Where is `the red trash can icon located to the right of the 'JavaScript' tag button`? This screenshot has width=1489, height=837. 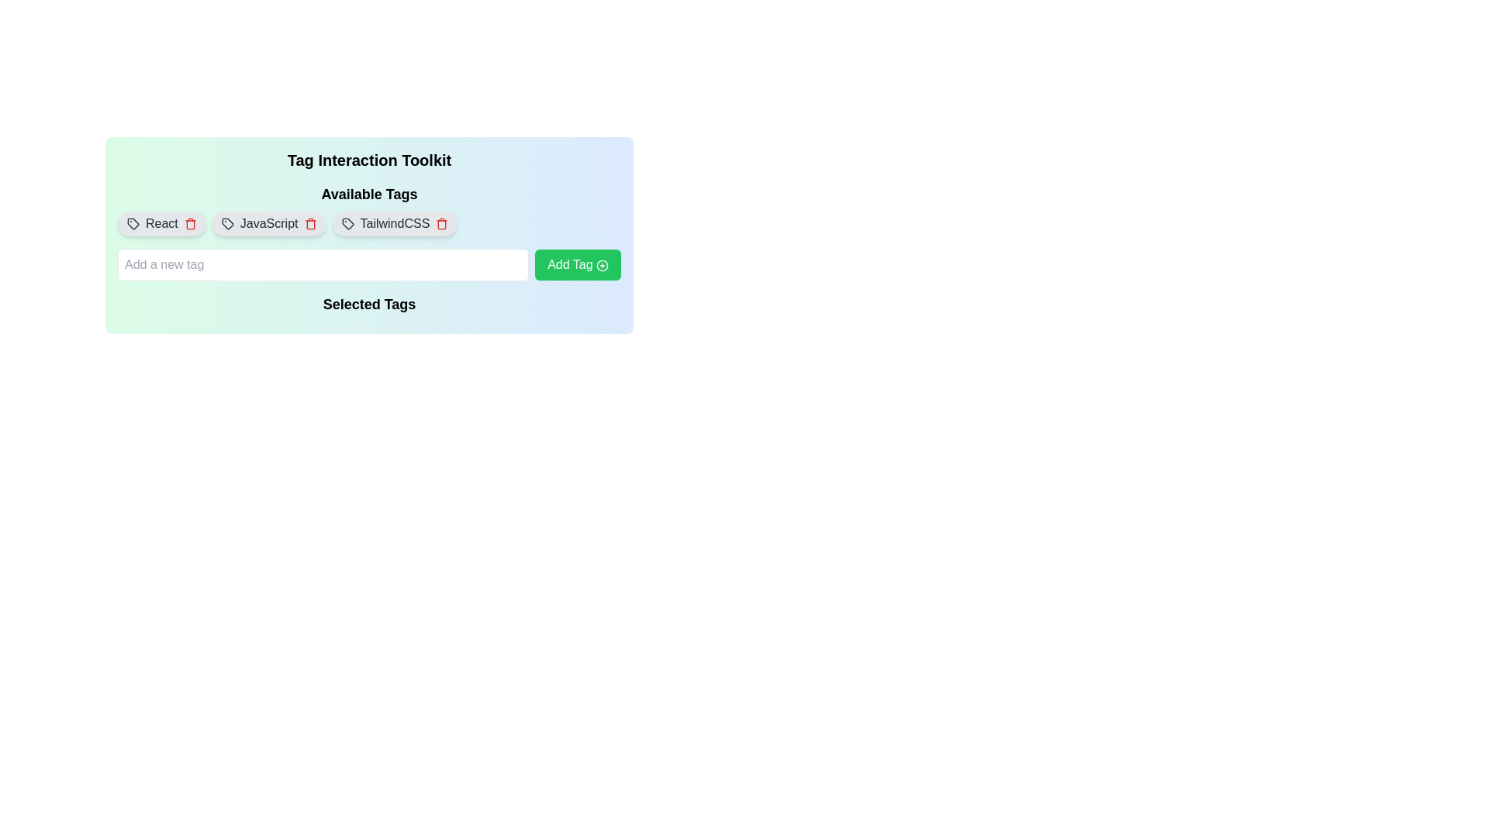
the red trash can icon located to the right of the 'JavaScript' tag button is located at coordinates (310, 224).